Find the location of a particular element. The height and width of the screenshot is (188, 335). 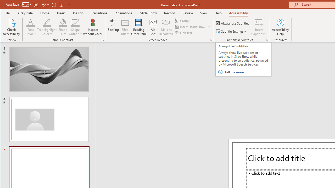

'Grayscale' is located at coordinates (25, 13).